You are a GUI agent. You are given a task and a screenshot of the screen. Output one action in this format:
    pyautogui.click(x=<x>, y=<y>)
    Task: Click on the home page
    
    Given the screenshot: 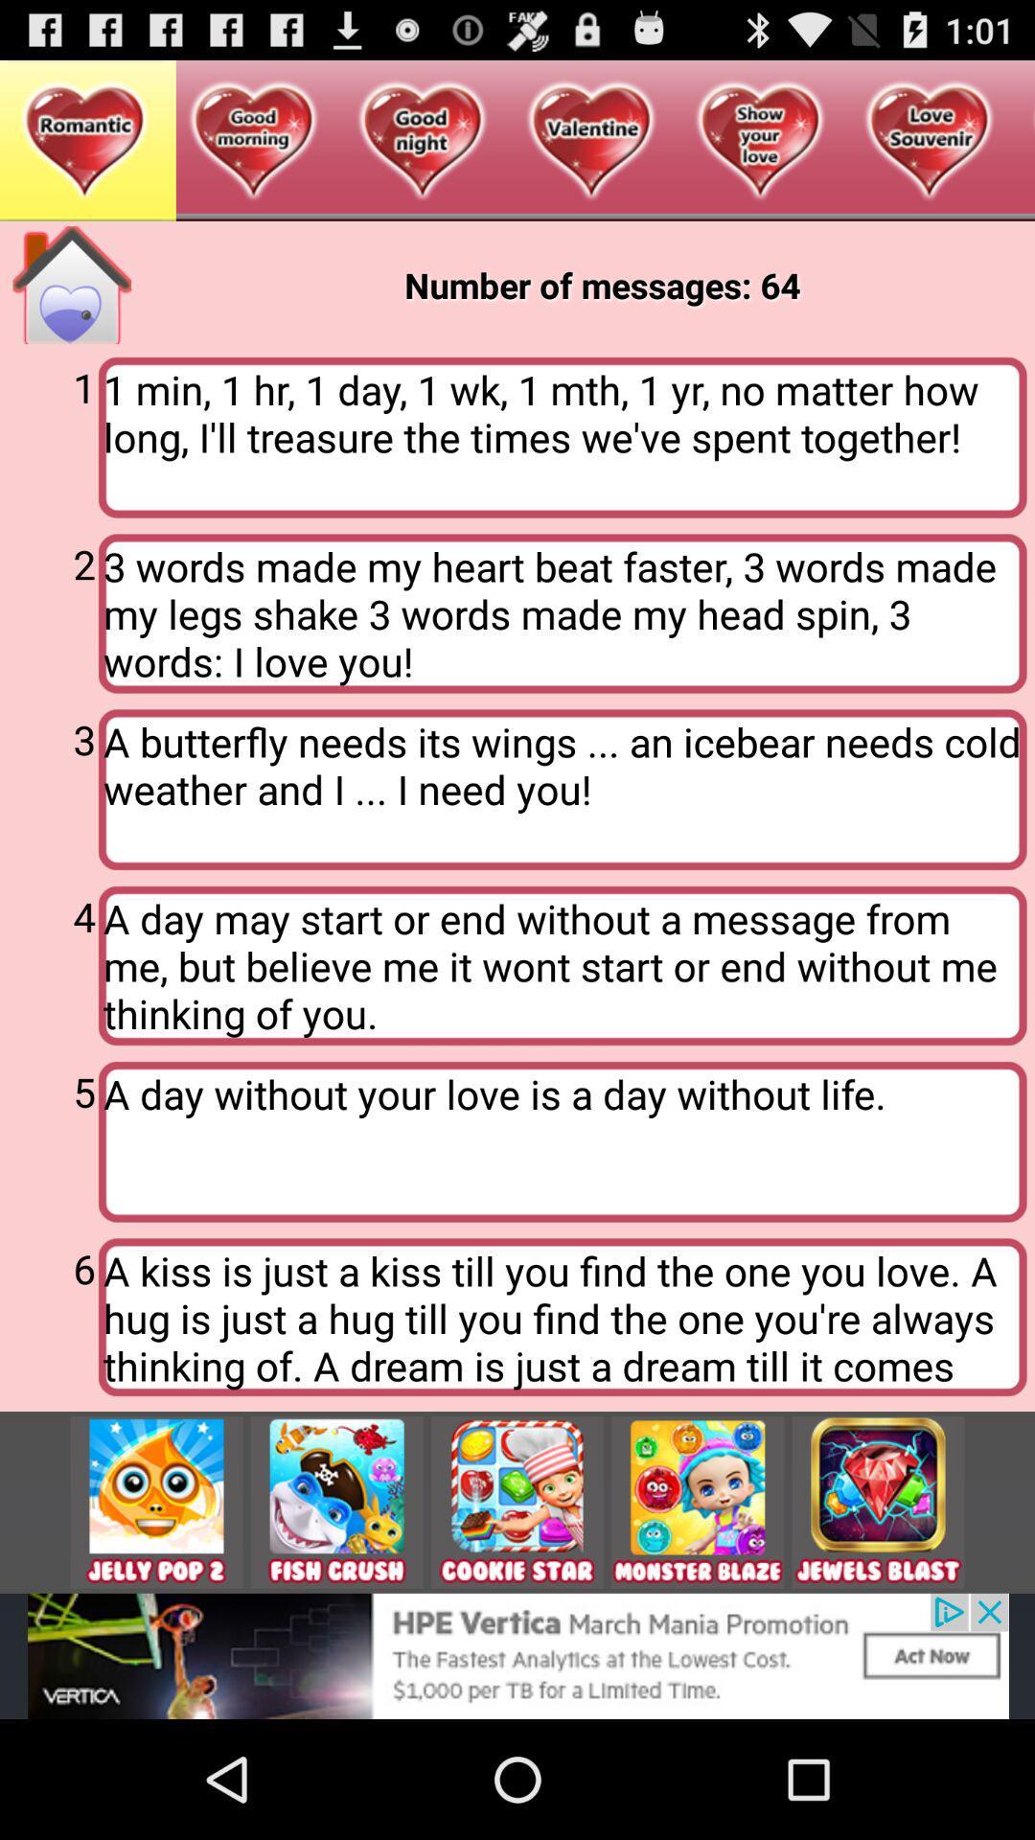 What is the action you would take?
    pyautogui.click(x=71, y=284)
    